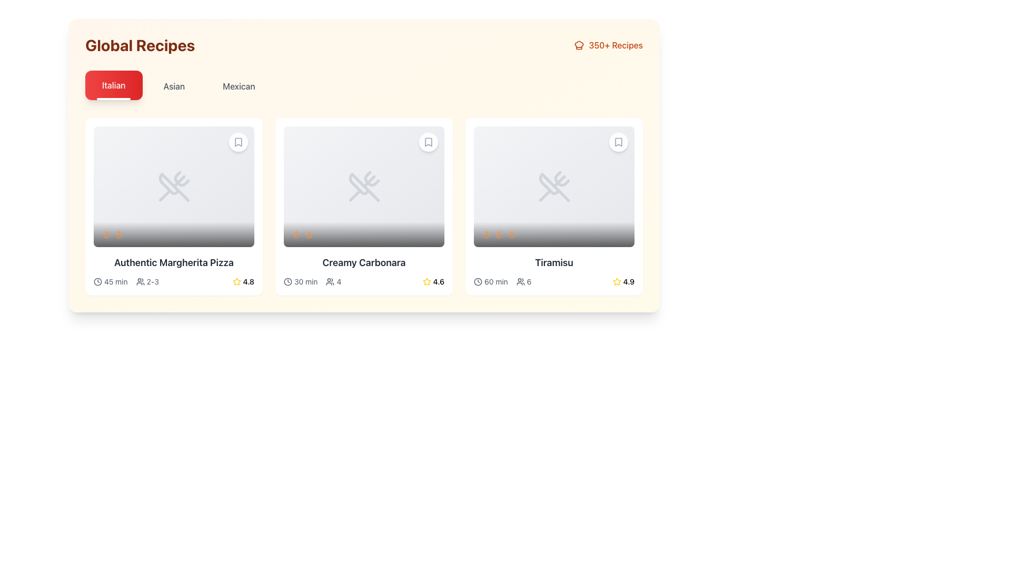 The height and width of the screenshot is (569, 1011). I want to click on the rating icon for the recipe 'Authentic Margherita Pizza' located in the Italian recipes section, which is adjacent to the rating value '4.8', so click(236, 281).